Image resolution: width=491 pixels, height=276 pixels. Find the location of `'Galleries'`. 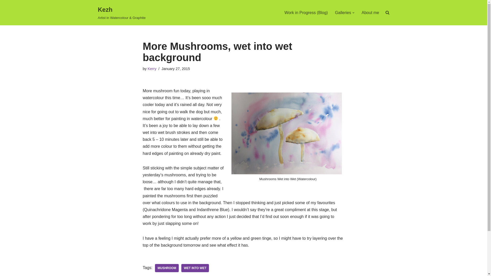

'Galleries' is located at coordinates (343, 12).